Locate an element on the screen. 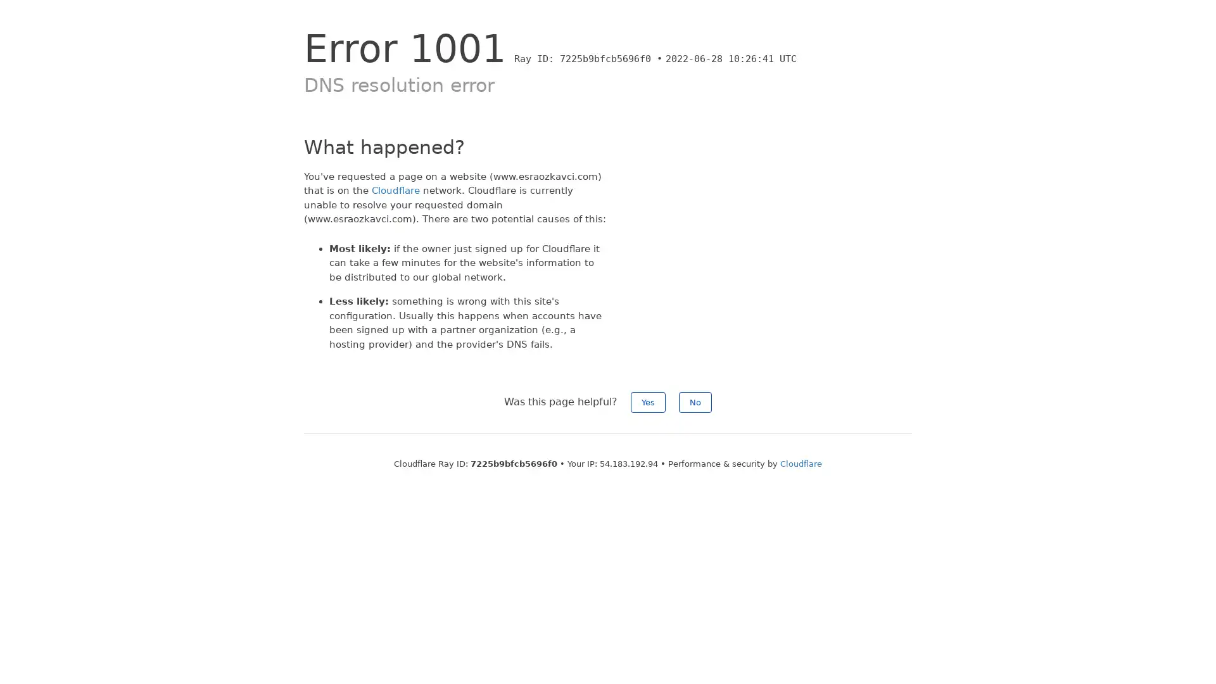 The width and height of the screenshot is (1216, 684). No is located at coordinates (695, 402).